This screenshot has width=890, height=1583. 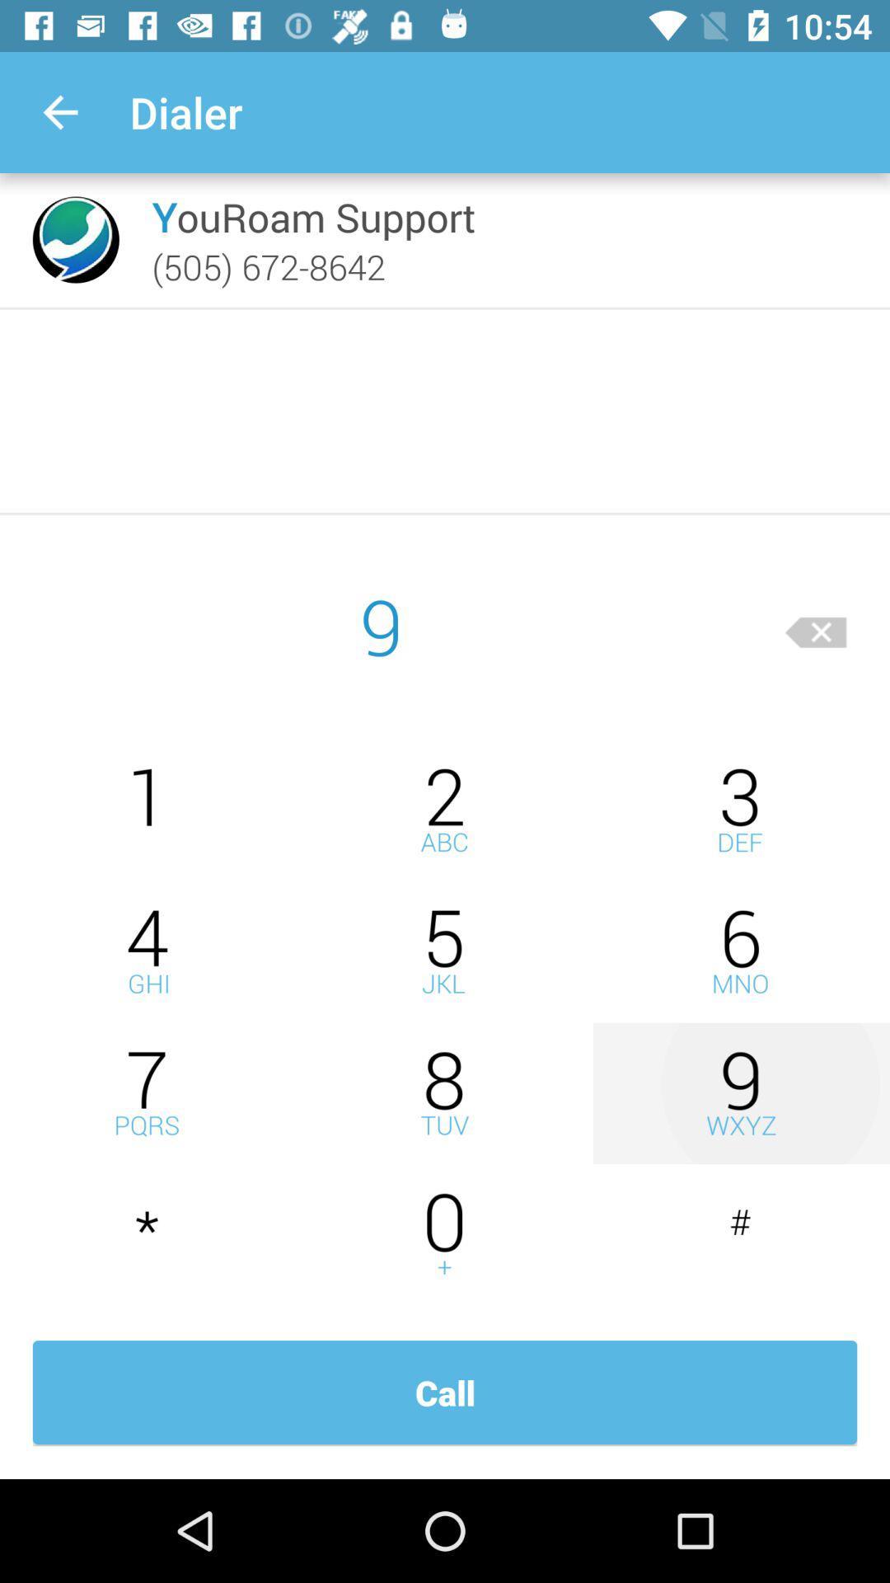 I want to click on 5, so click(x=445, y=951).